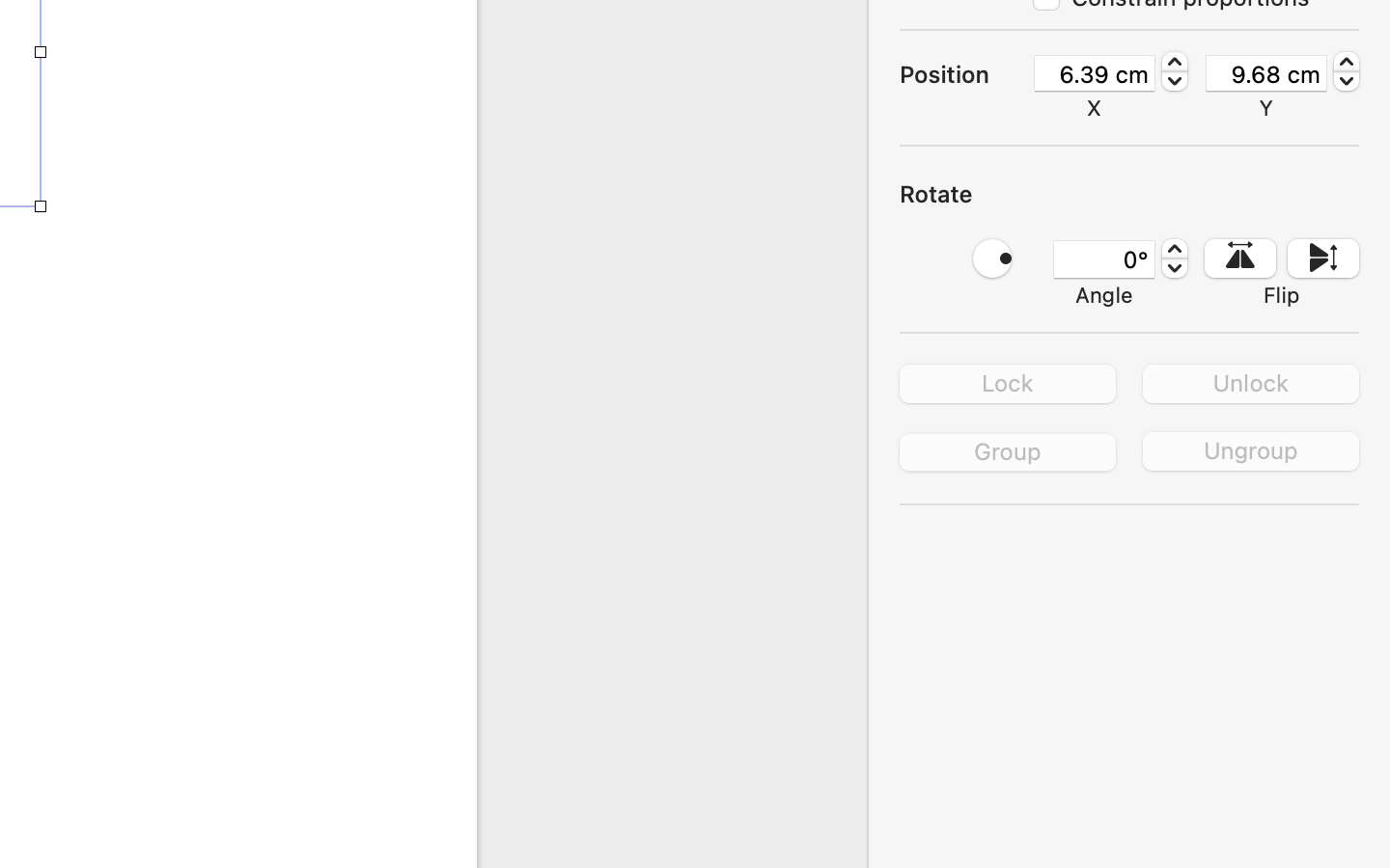 The height and width of the screenshot is (868, 1390). What do you see at coordinates (1094, 71) in the screenshot?
I see `'6.39 cm'` at bounding box center [1094, 71].